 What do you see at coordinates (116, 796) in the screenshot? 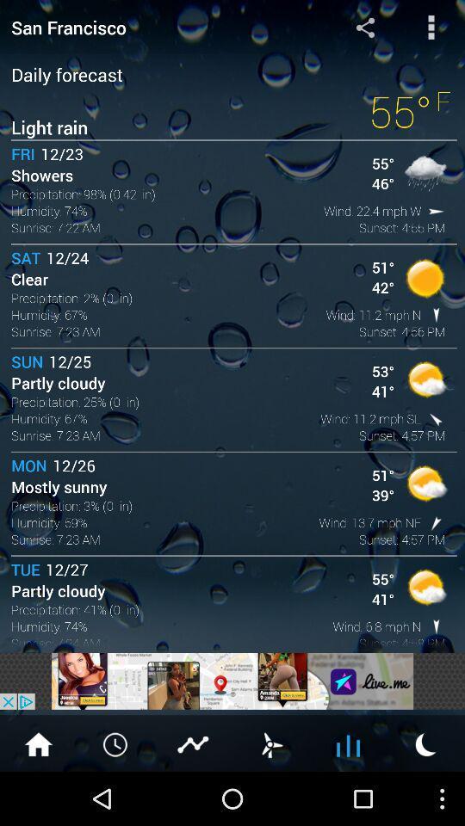
I see `the time icon` at bounding box center [116, 796].